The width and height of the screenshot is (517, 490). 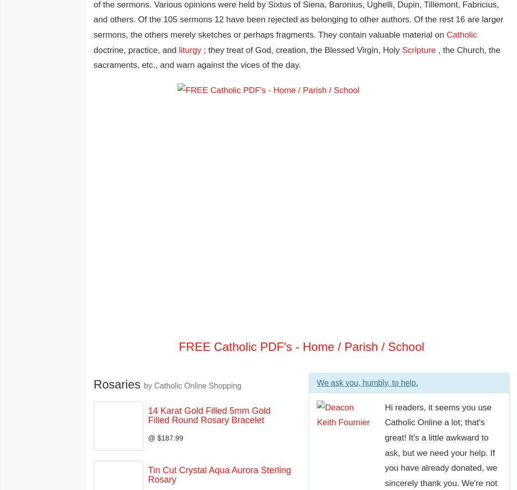 What do you see at coordinates (165, 438) in the screenshot?
I see `'@ $187.99'` at bounding box center [165, 438].